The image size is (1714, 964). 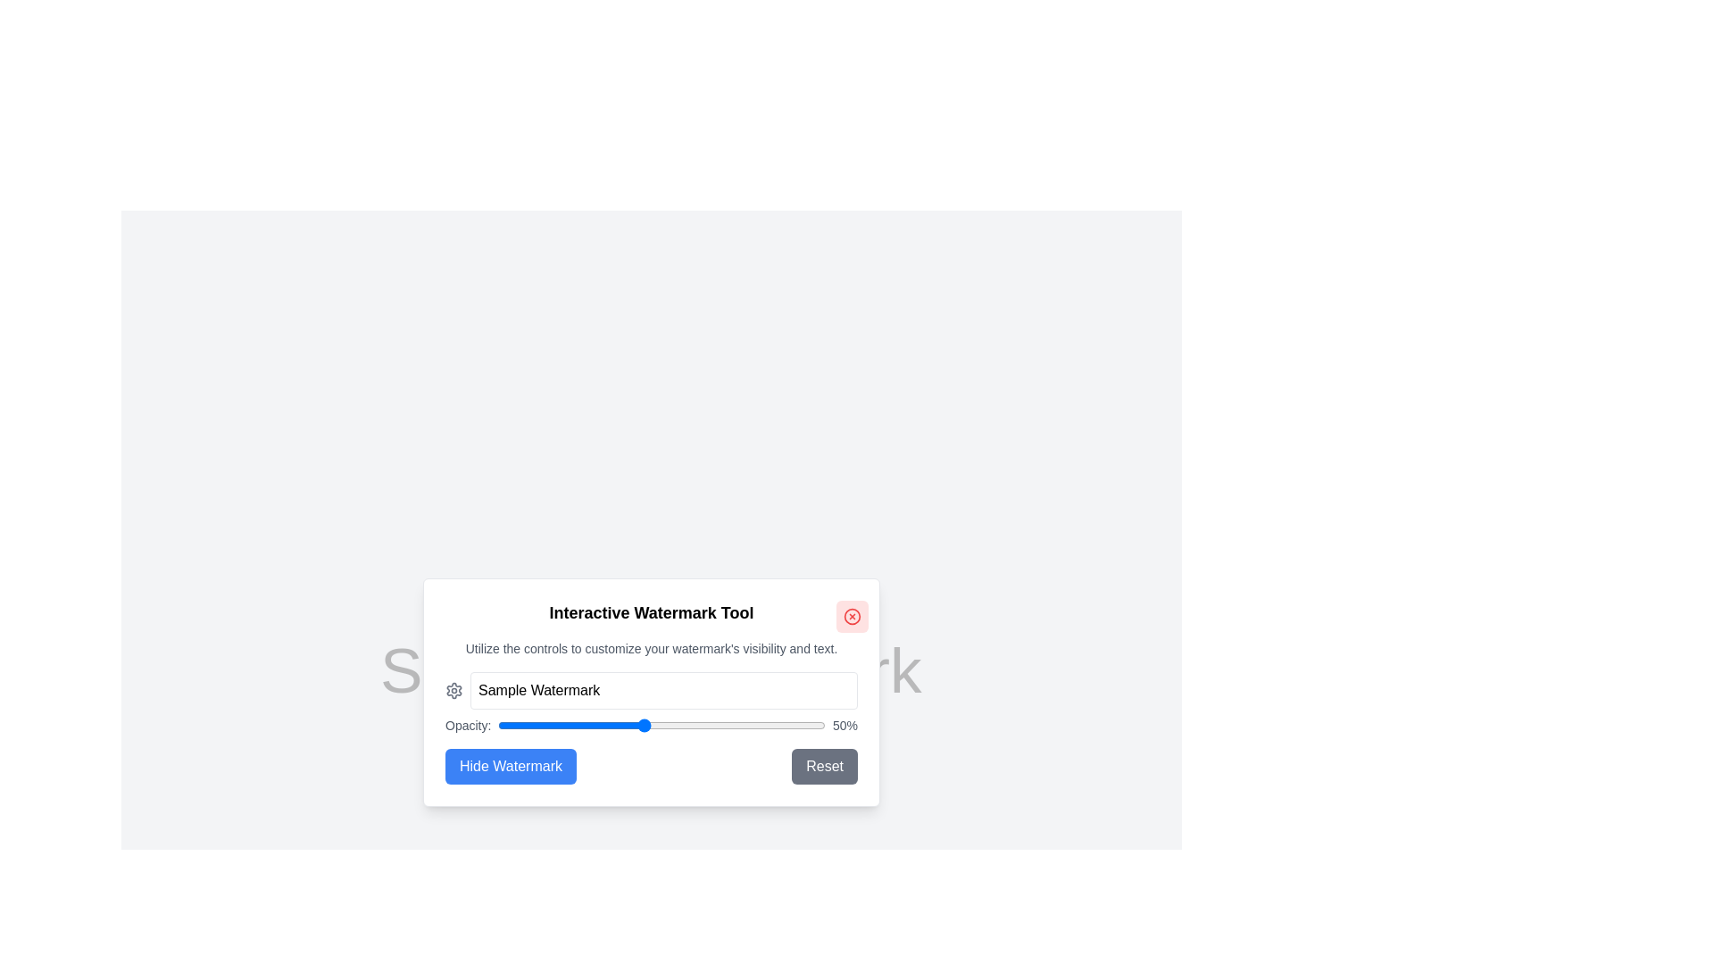 What do you see at coordinates (510, 766) in the screenshot?
I see `the button located in the lower-left portion of the 'Interactive Watermark Tool' modal dialog to hide the watermark` at bounding box center [510, 766].